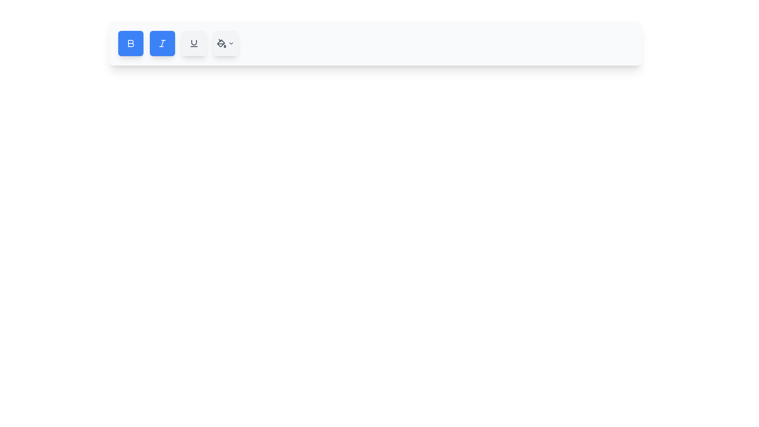  What do you see at coordinates (221, 43) in the screenshot?
I see `the button with a paint bucket icon located in the toolbar` at bounding box center [221, 43].